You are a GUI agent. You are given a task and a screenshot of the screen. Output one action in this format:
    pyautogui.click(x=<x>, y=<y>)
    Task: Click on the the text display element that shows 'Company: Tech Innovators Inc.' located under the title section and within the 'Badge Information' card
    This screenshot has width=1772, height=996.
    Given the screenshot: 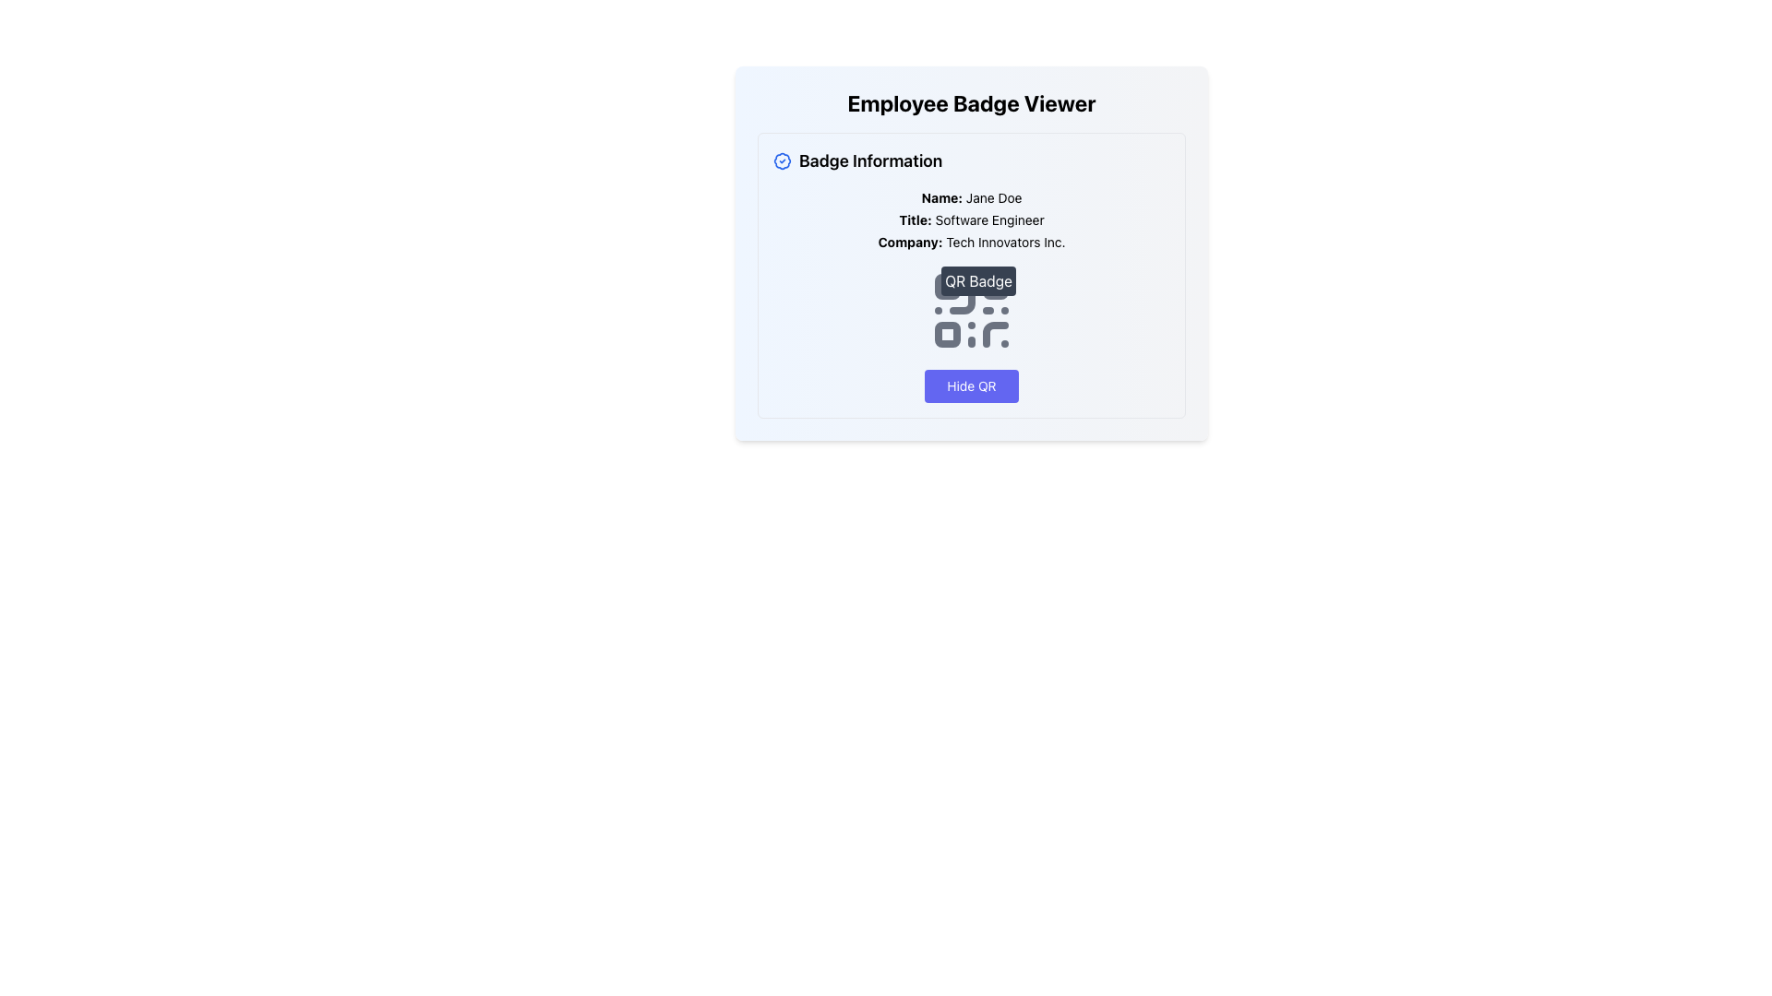 What is the action you would take?
    pyautogui.click(x=970, y=241)
    